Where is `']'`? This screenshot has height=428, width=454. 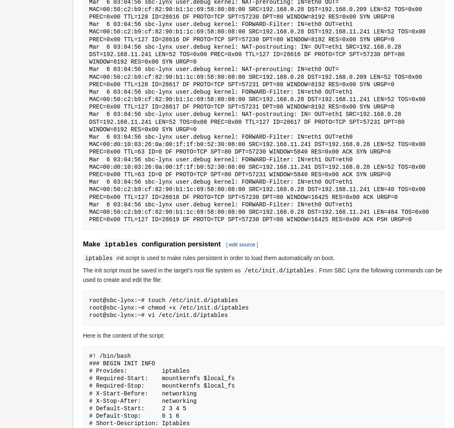
']' is located at coordinates (257, 244).